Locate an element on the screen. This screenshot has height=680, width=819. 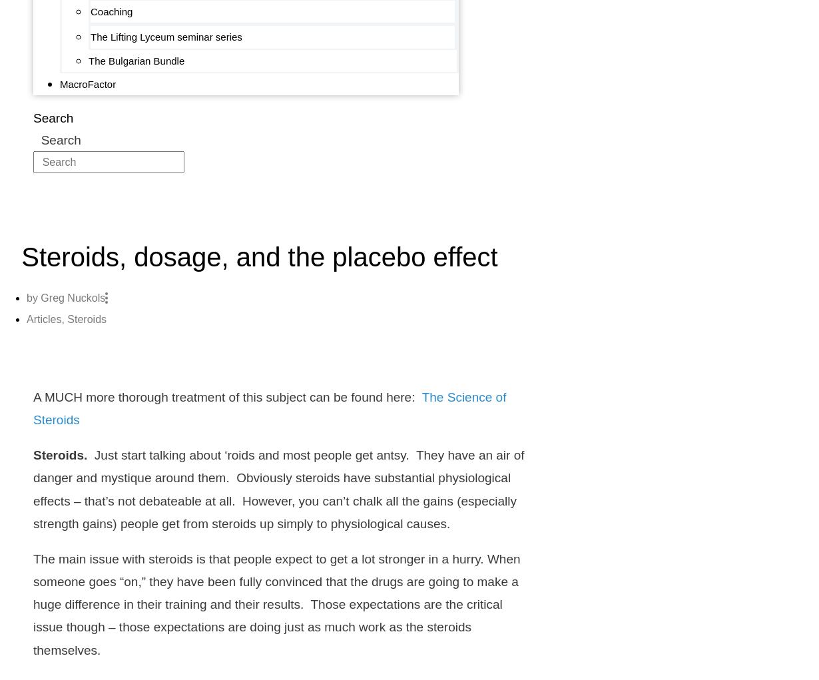
'Steroids.' is located at coordinates (60, 455).